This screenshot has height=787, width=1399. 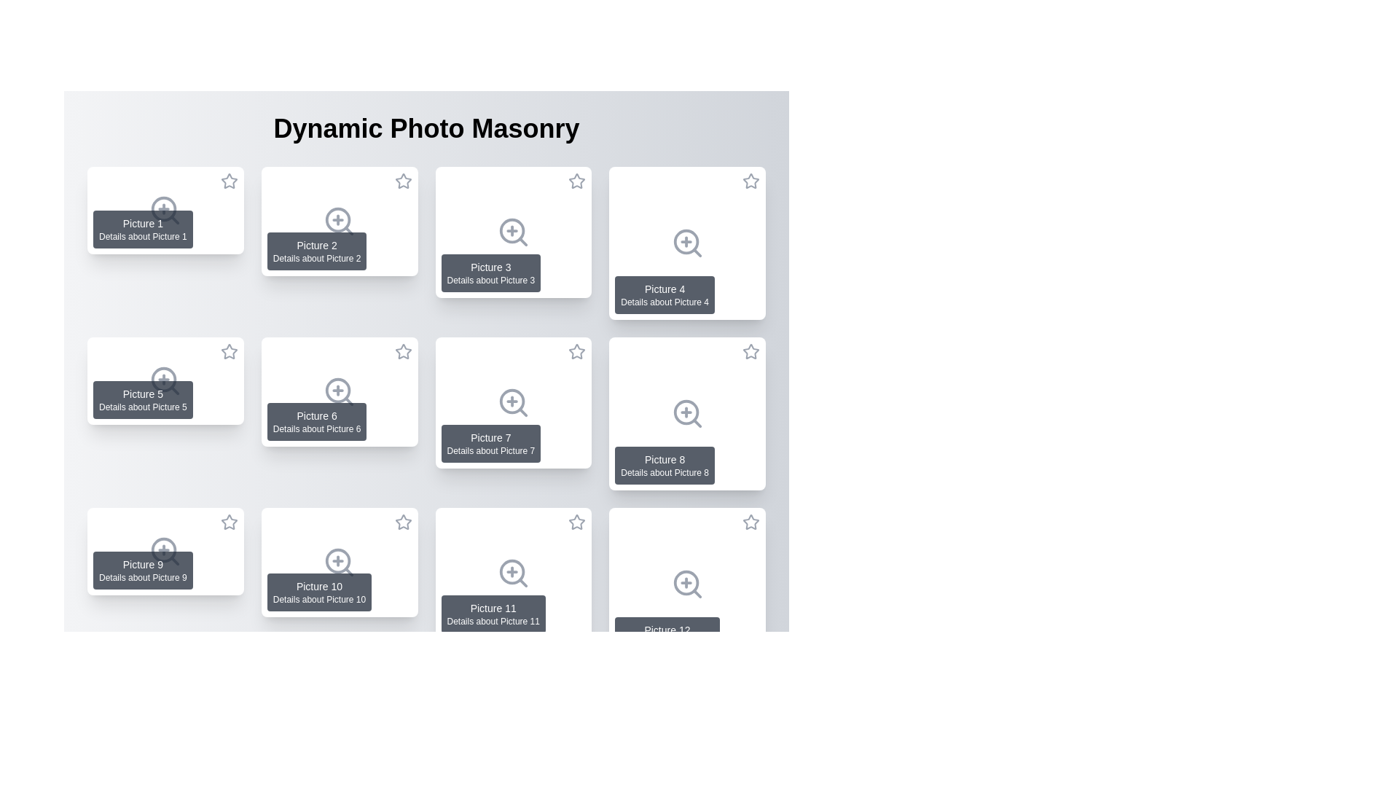 I want to click on the favorite or bookmark toggle button located in the upper-right corner of the card titled 'Picture 6', so click(x=403, y=354).